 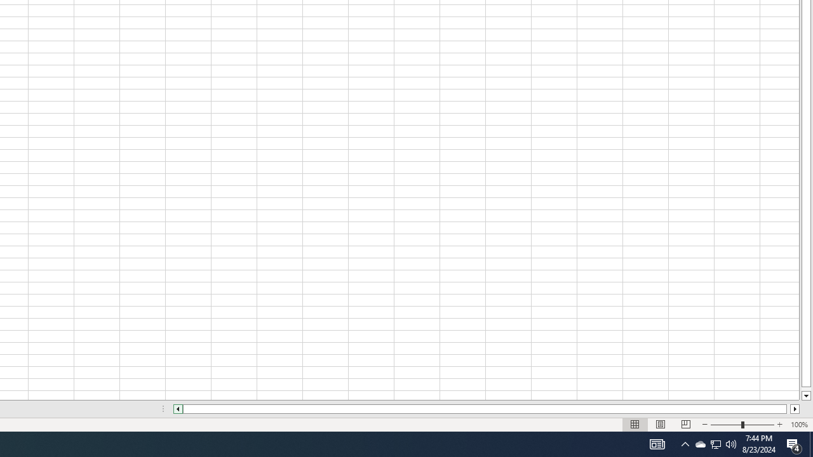 I want to click on 'Class: NetUIScrollBar', so click(x=486, y=409).